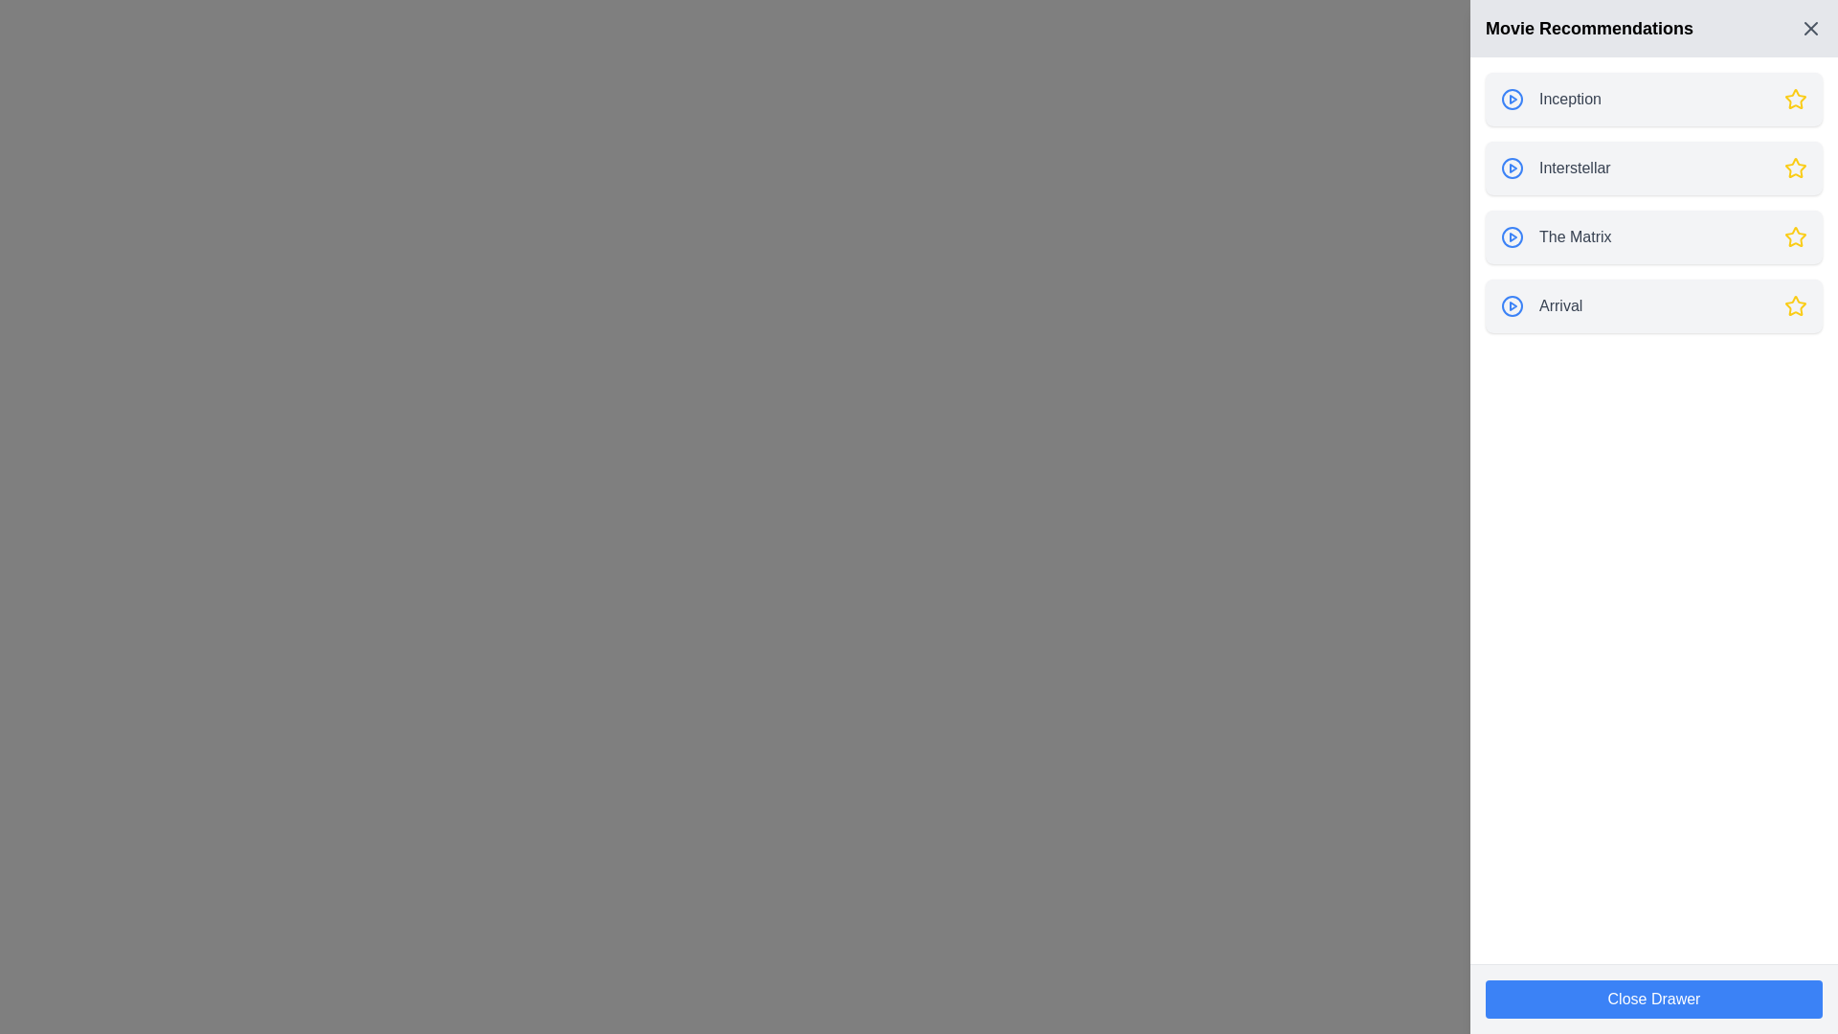 Image resolution: width=1838 pixels, height=1034 pixels. What do you see at coordinates (1541, 305) in the screenshot?
I see `the circular blue play icon next to the text 'Arrival' in the fourth row of the 'Movie Recommendations' panel to play the movie` at bounding box center [1541, 305].